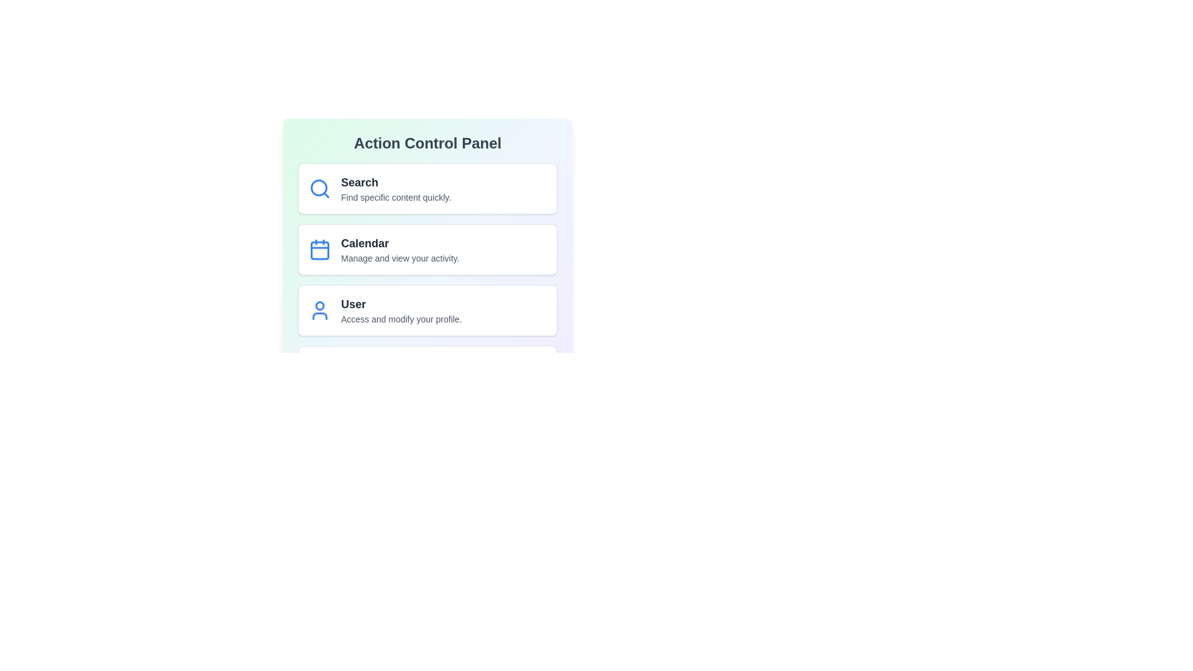  What do you see at coordinates (319, 188) in the screenshot?
I see `the SVG circle representing the search functionality, which is the leftmost circular component of the icon in the 'Search' button group` at bounding box center [319, 188].